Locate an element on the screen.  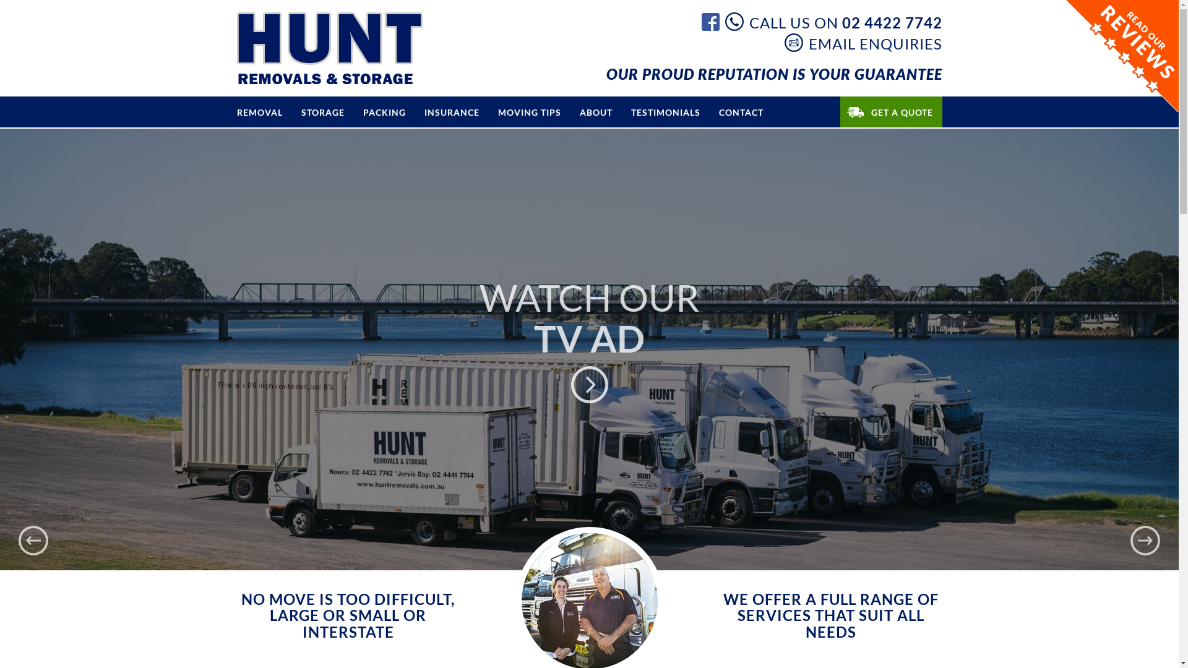
'MOVING TIPS' is located at coordinates (529, 112).